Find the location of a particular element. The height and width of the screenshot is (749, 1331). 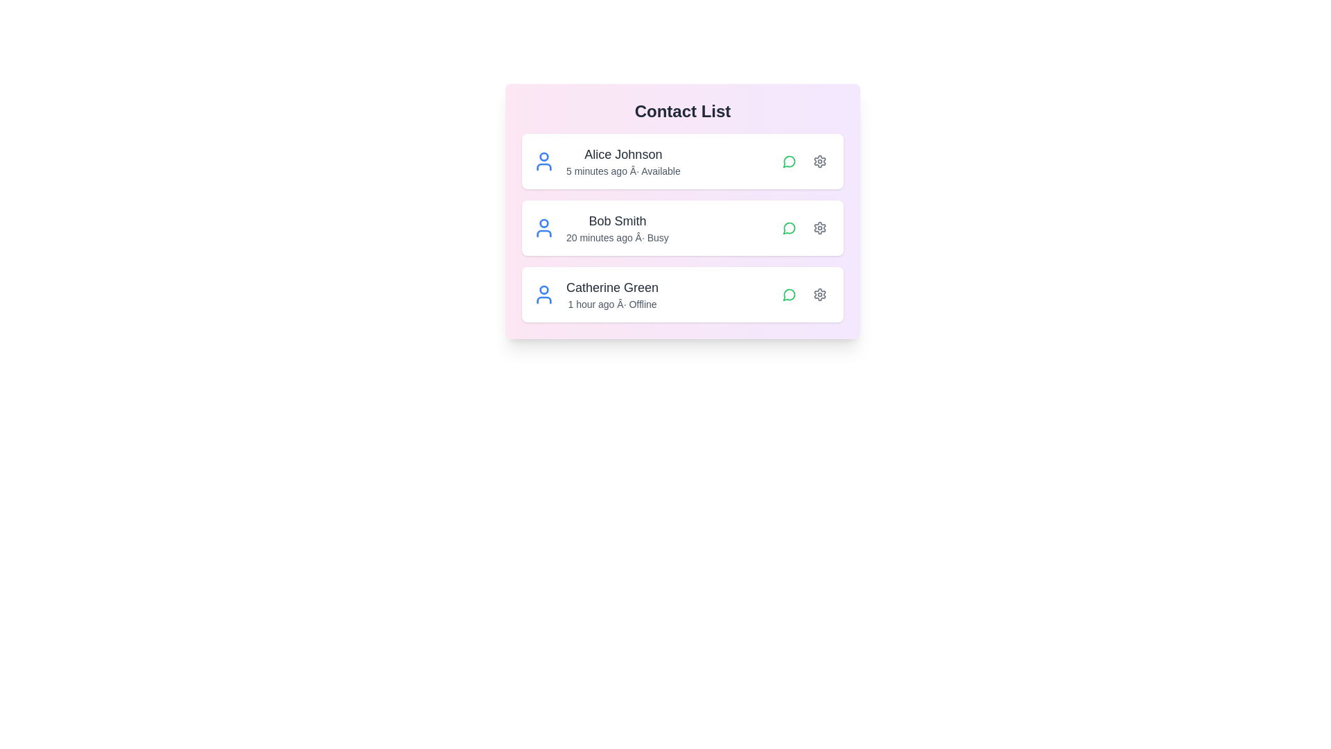

the contact 'Alice Johnson' to view their details is located at coordinates (682, 160).